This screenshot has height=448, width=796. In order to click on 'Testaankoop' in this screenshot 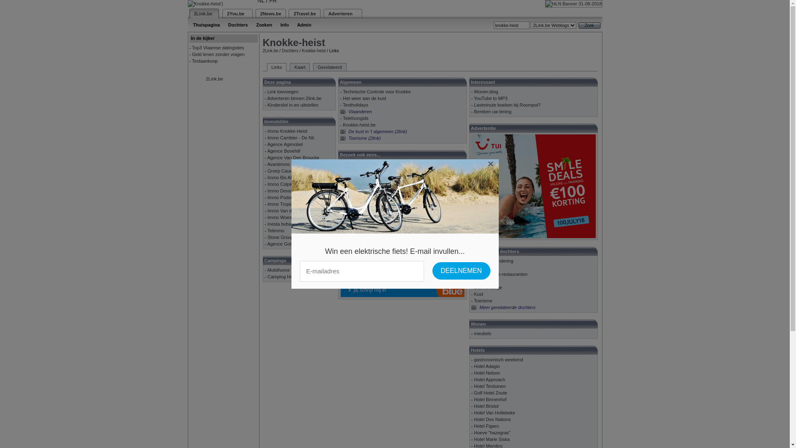, I will do `click(205, 60)`.